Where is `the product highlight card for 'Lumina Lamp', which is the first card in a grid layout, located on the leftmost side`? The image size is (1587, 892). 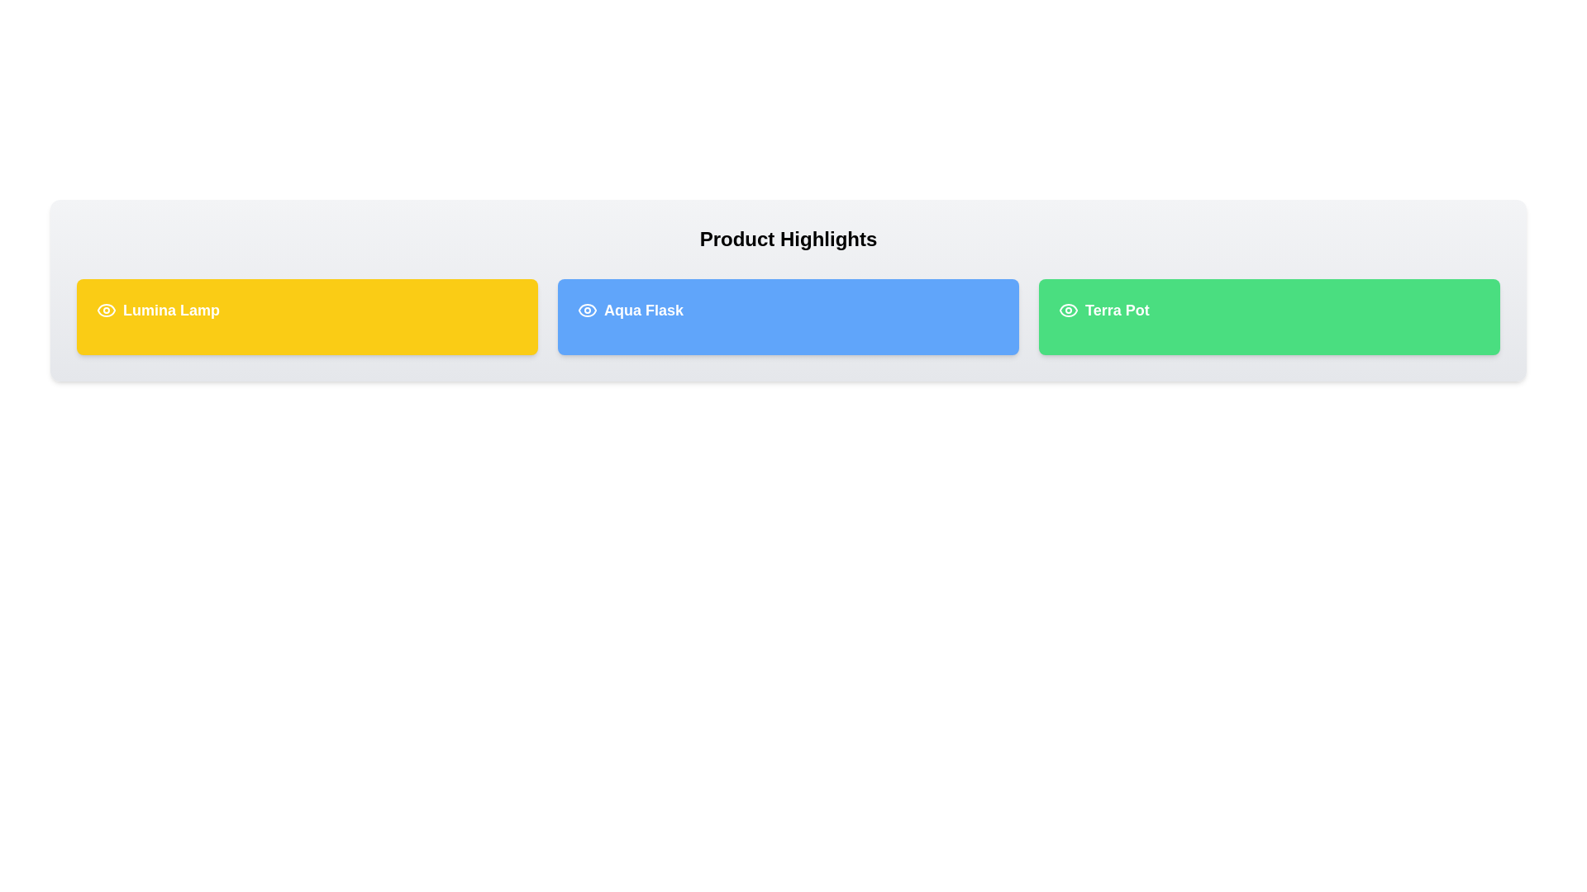 the product highlight card for 'Lumina Lamp', which is the first card in a grid layout, located on the leftmost side is located at coordinates (307, 317).